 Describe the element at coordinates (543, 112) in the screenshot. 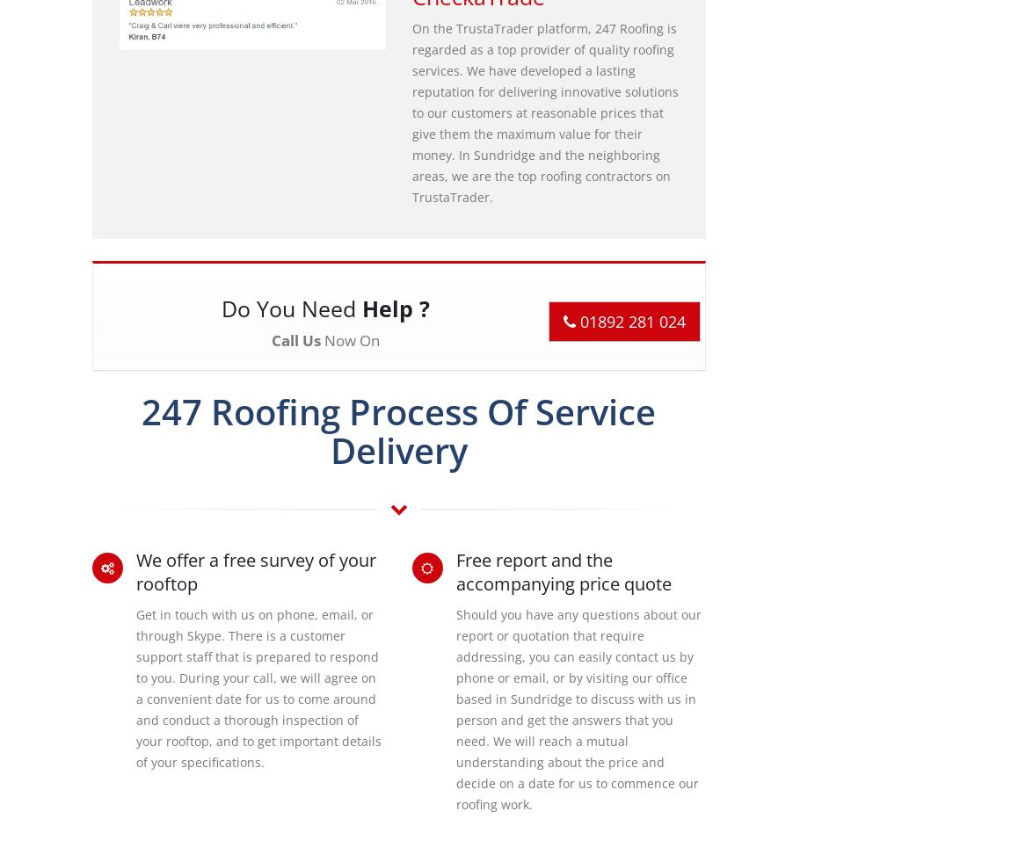

I see `'On the TrustaTrader platform, 247 Roofing is regarded as a top provider of quality roofing services. We have developed a lasting reputation for delivering innovative solutions to our customers at reasonable prices that give them the maximum value for their money. In Sundridge and the neighboring areas, we are the top roofing contractors on TrustaTrader.'` at that location.